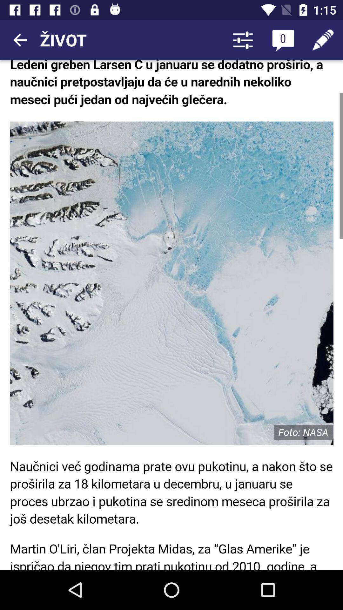 The image size is (343, 610). I want to click on the chat icon, so click(283, 39).